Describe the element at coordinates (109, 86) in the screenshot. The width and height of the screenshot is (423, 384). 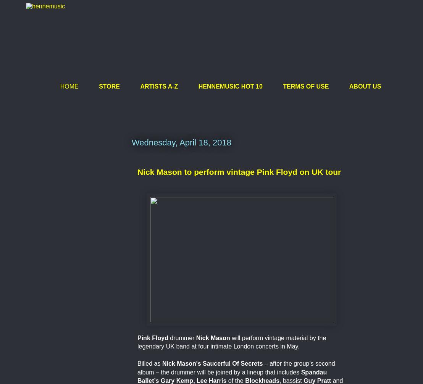
I see `'STORE'` at that location.